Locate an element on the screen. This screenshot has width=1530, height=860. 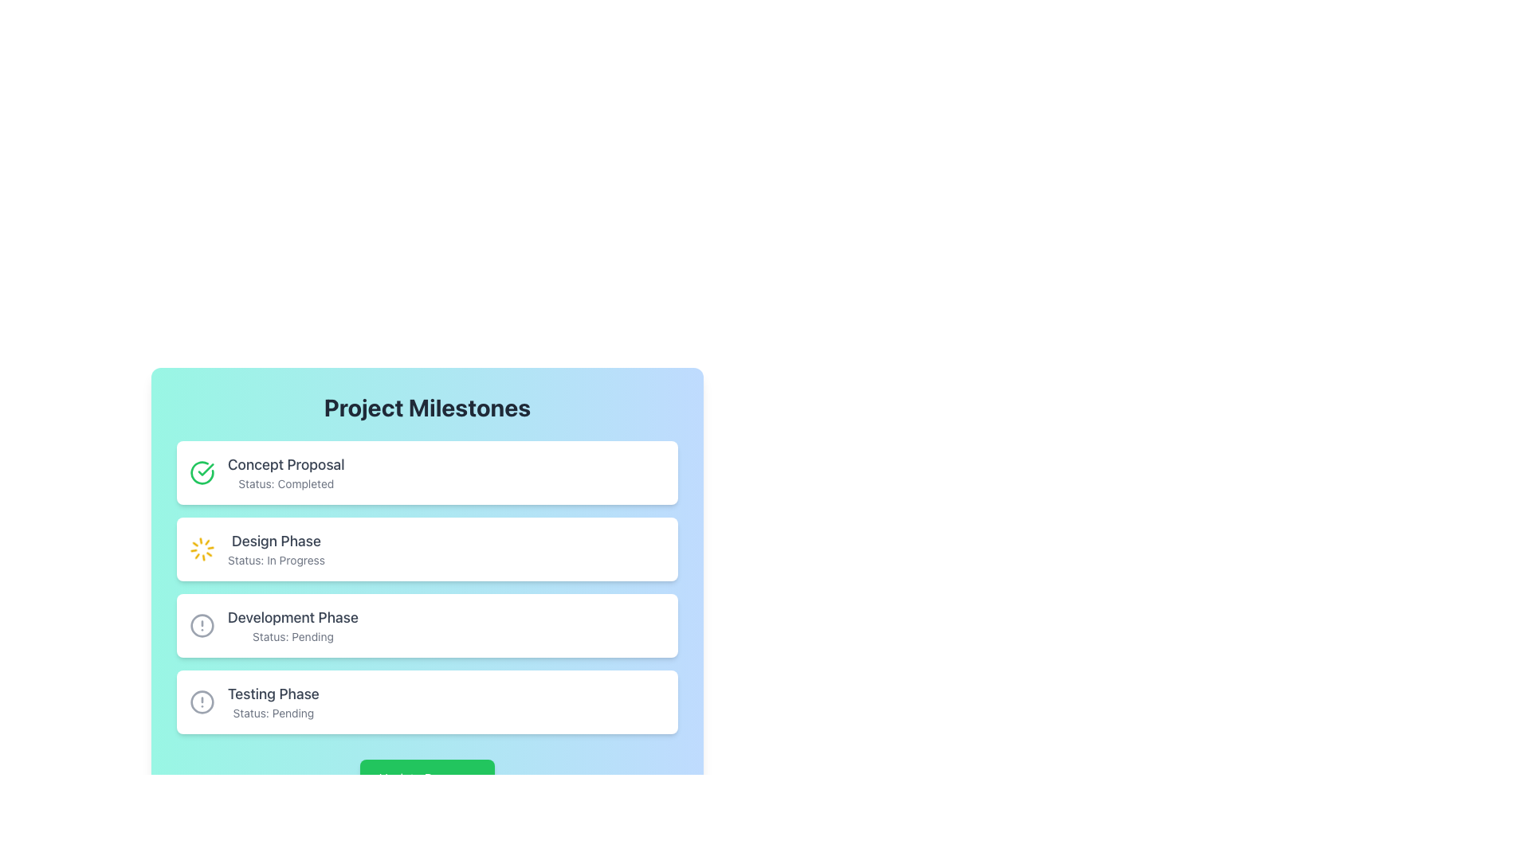
the green circular badge icon that visually indicates the completion status of the 'Concept Proposal' milestone, which is part of the checkmark symbol in the first milestone entry is located at coordinates (205, 469).